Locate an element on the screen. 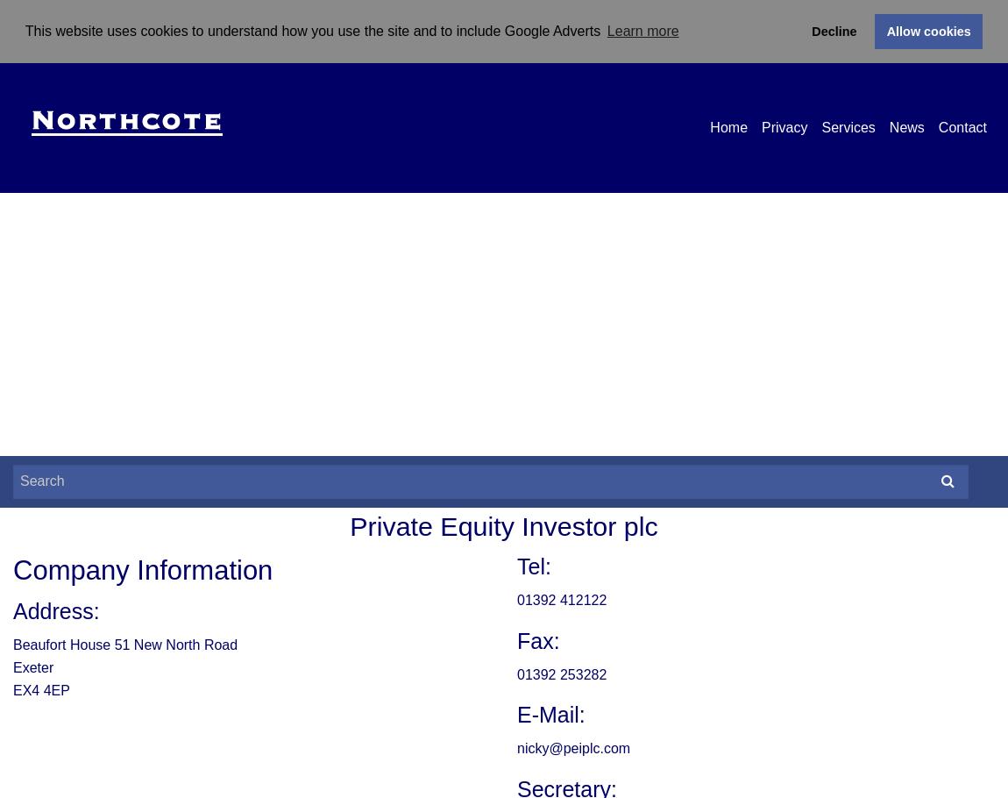 The height and width of the screenshot is (798, 1008). 'Home' is located at coordinates (728, 125).